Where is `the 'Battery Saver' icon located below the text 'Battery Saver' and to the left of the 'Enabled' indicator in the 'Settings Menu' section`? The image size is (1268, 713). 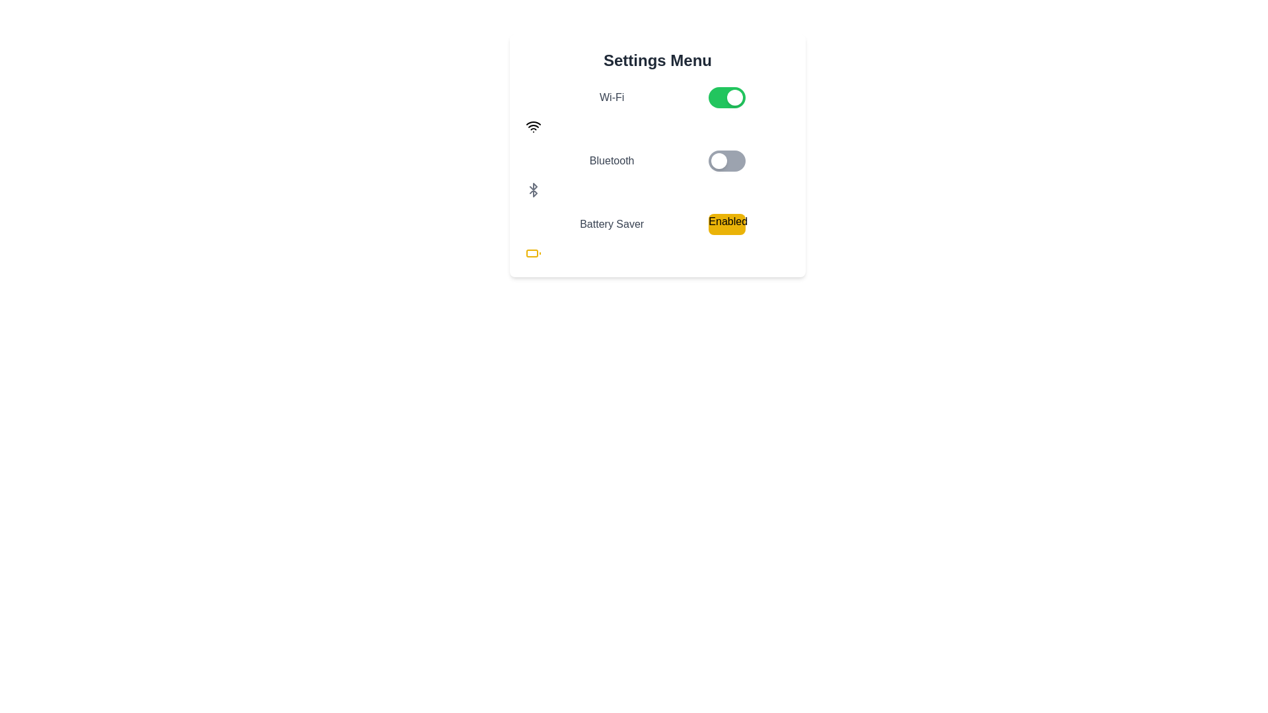 the 'Battery Saver' icon located below the text 'Battery Saver' and to the left of the 'Enabled' indicator in the 'Settings Menu' section is located at coordinates (533, 254).